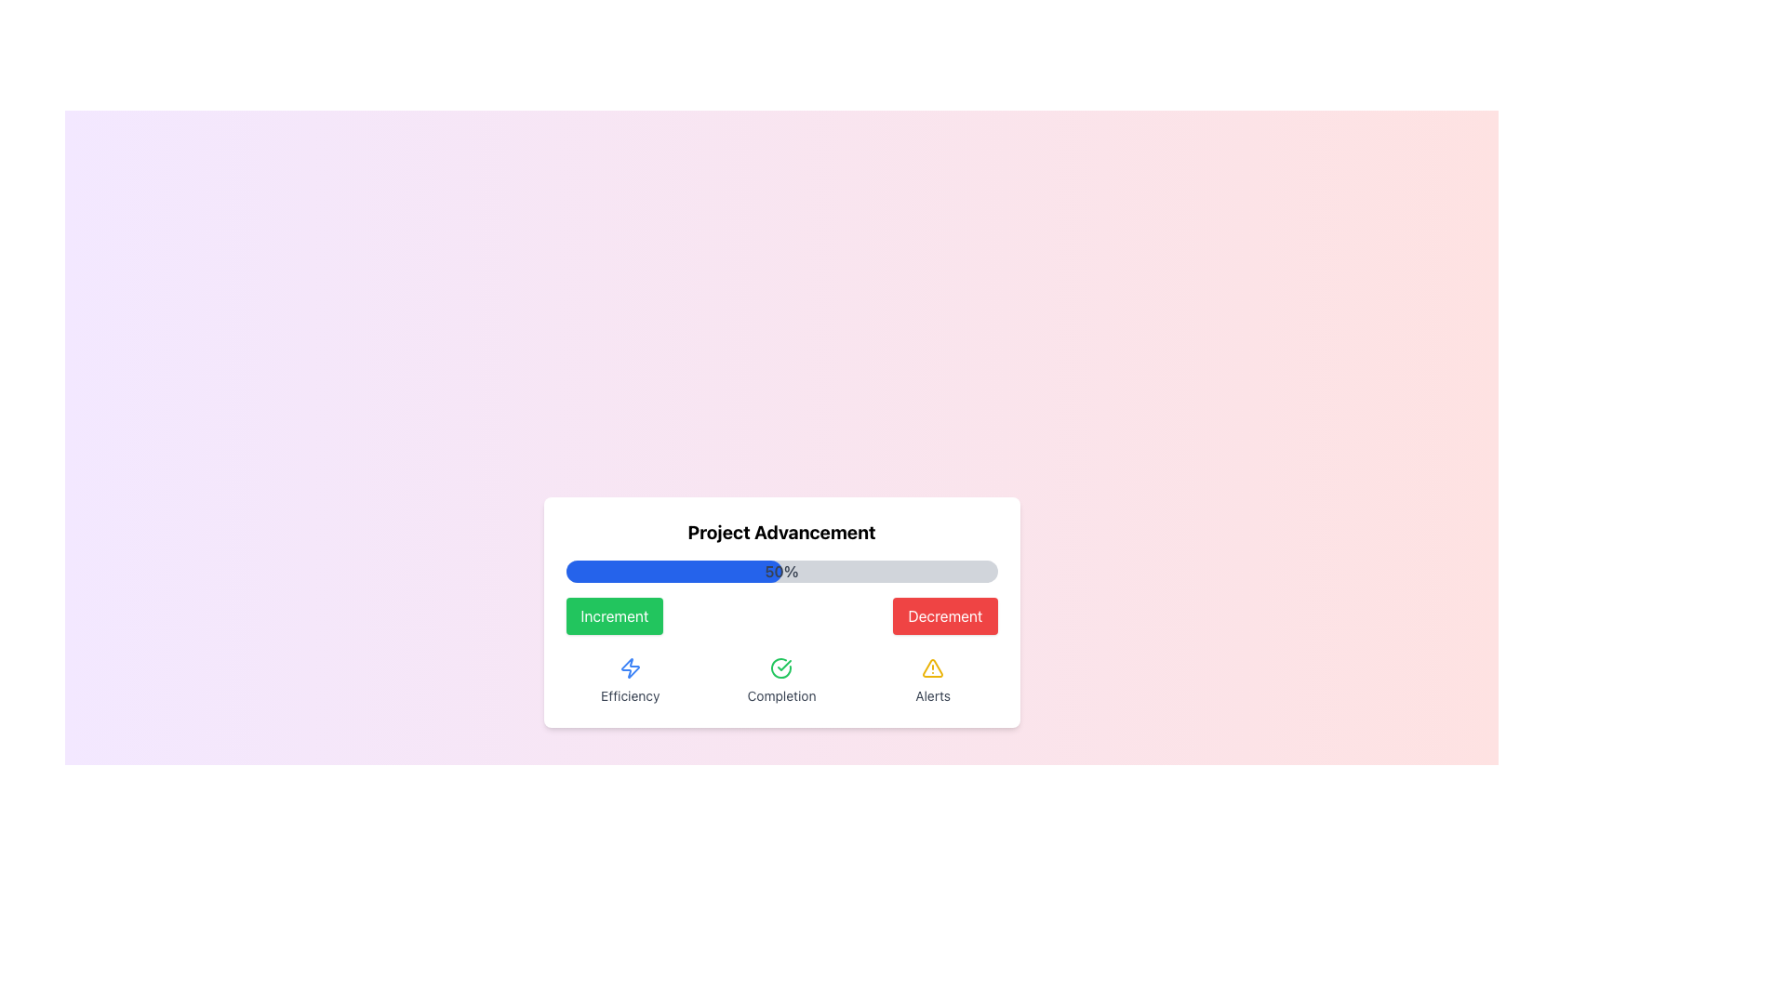 This screenshot has height=1004, width=1786. Describe the element at coordinates (785, 665) in the screenshot. I see `green confirmation icon located centrally beneath the progress bar, indicating task completion` at that location.